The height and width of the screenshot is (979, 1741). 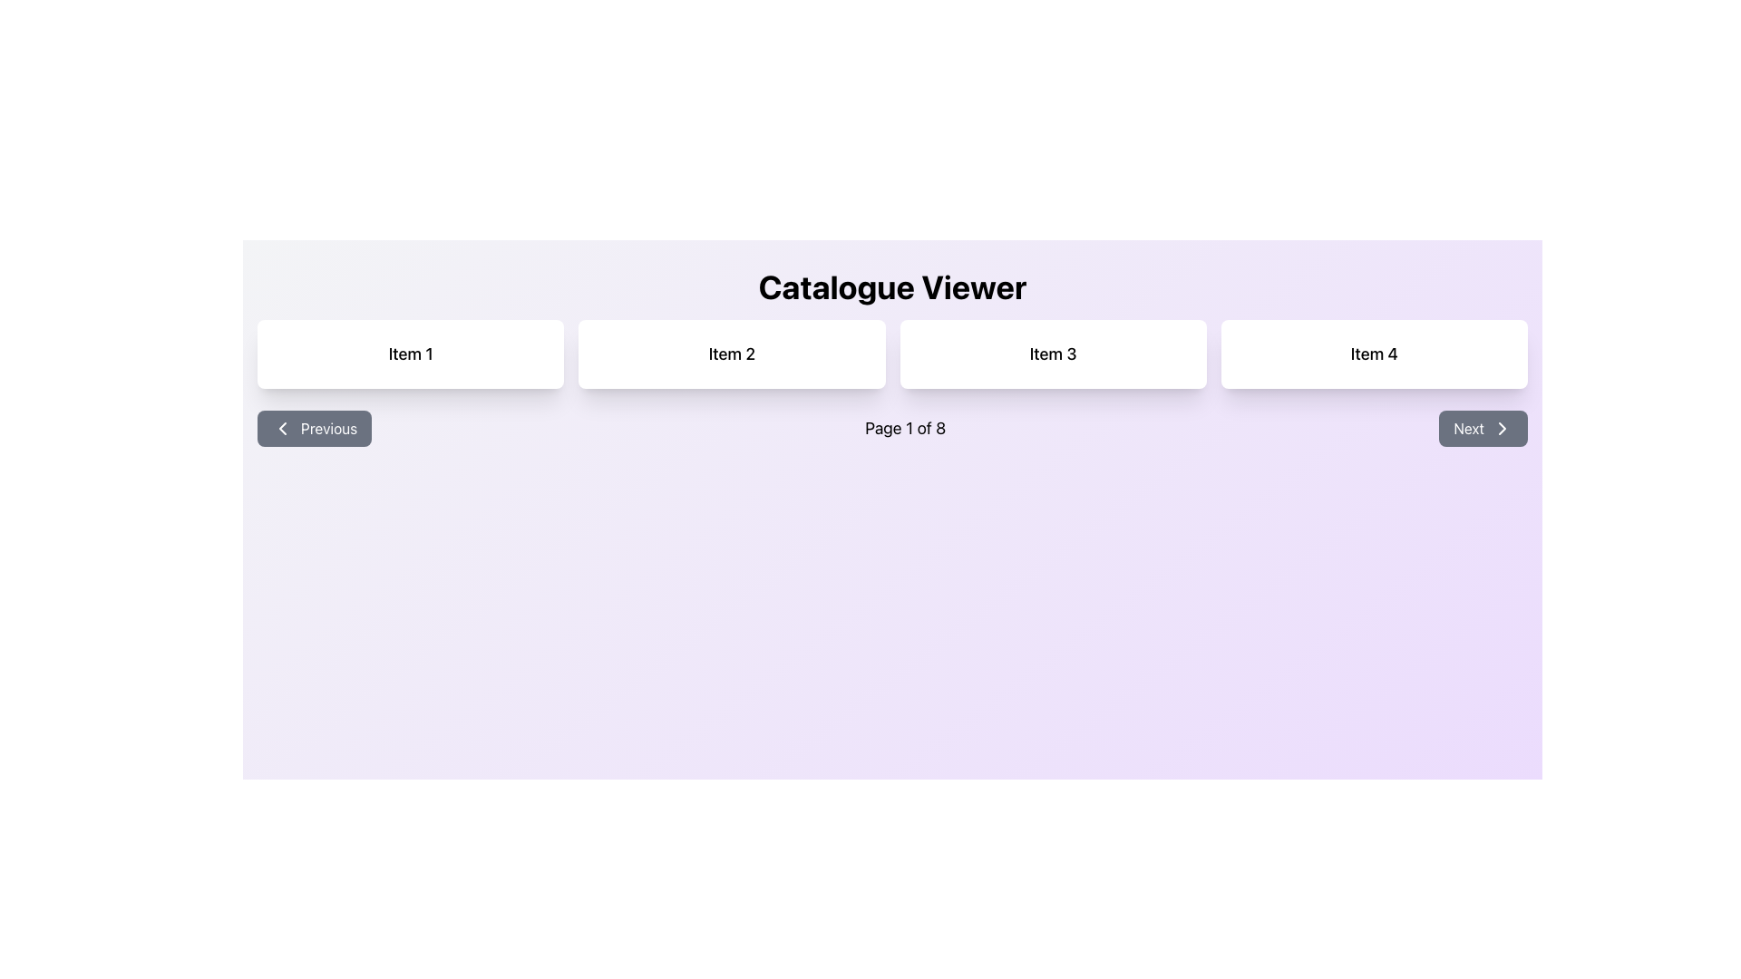 What do you see at coordinates (905, 429) in the screenshot?
I see `the text element displaying 'Page 1 of 8', which is centered and bold, located below the navigation buttons` at bounding box center [905, 429].